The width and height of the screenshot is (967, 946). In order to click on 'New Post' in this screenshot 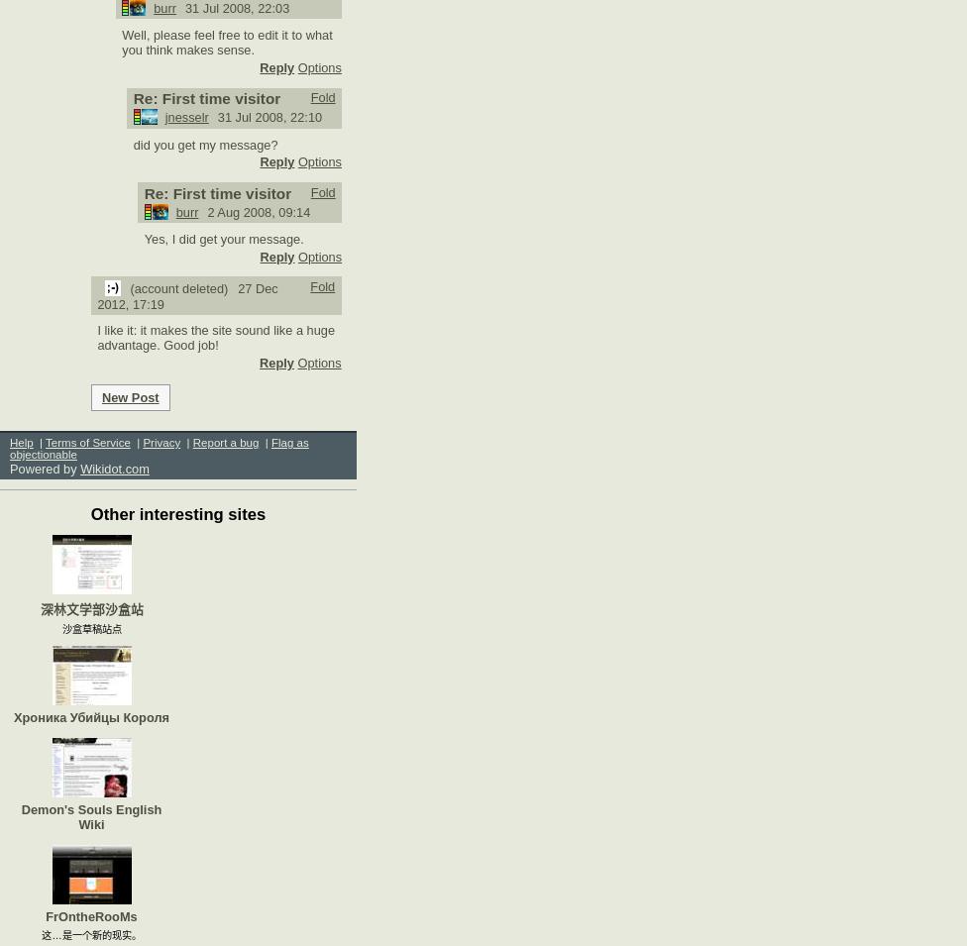, I will do `click(128, 396)`.